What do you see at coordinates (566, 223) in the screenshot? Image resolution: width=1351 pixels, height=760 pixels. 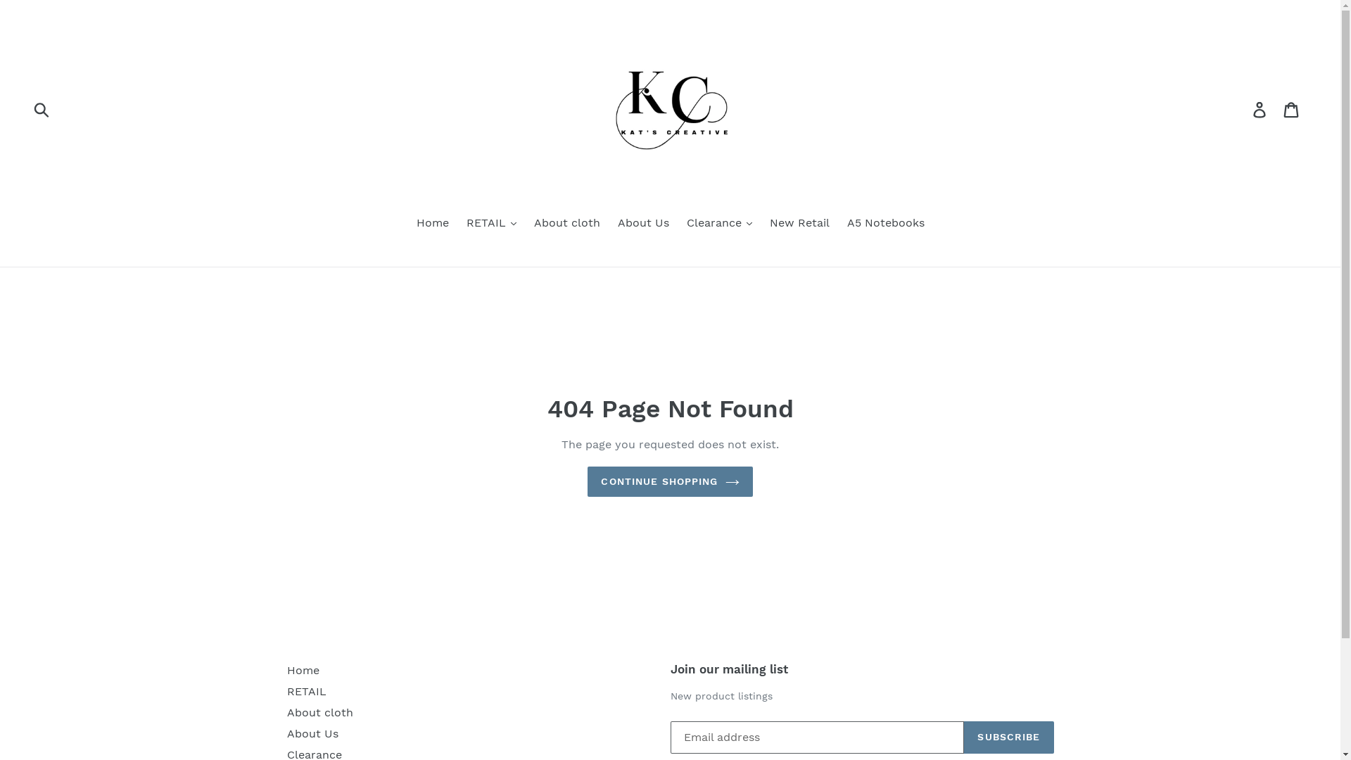 I see `'About cloth'` at bounding box center [566, 223].